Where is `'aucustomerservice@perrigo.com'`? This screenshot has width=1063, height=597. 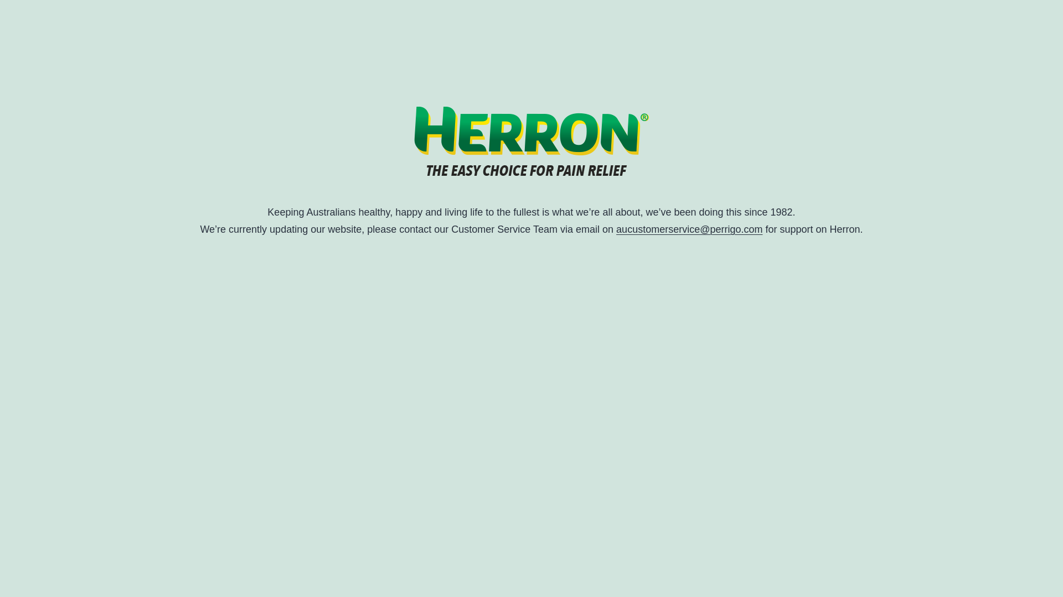
'aucustomerservice@perrigo.com' is located at coordinates (688, 229).